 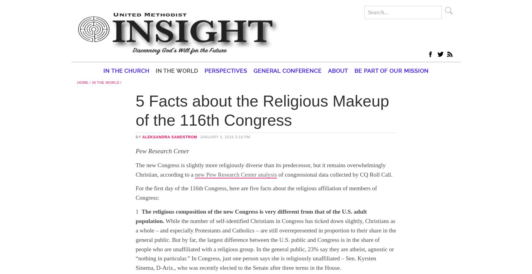 I want to click on 'Pew Research Cener', so click(x=162, y=151).